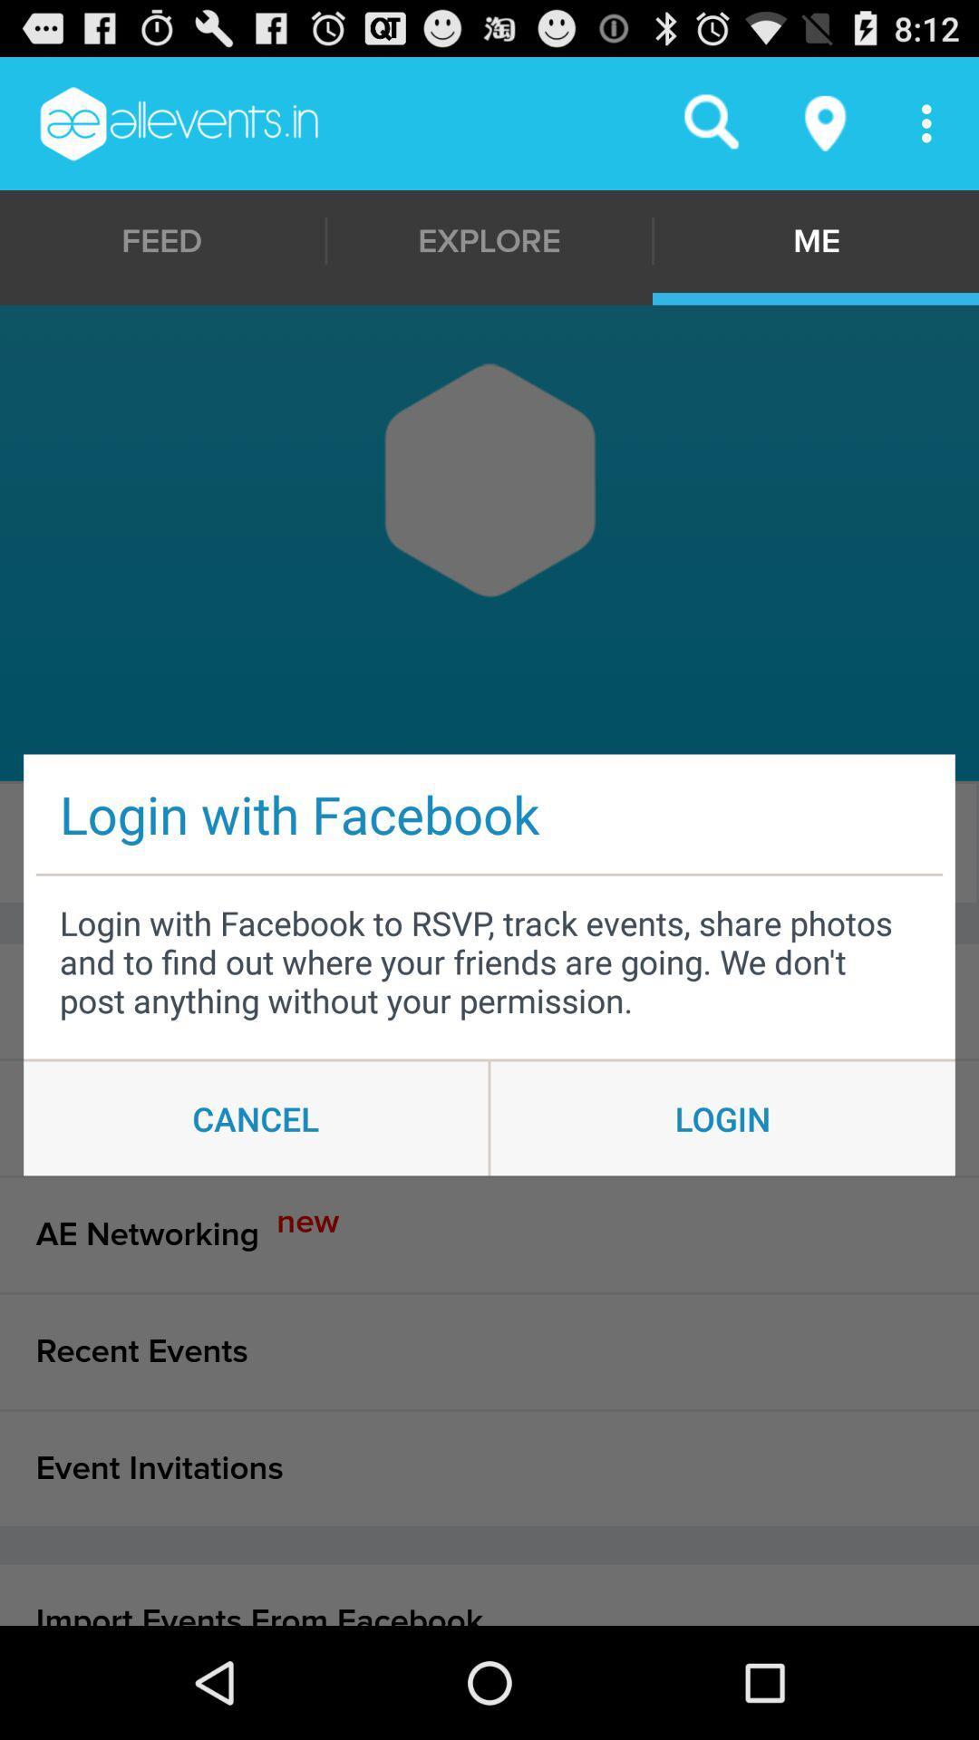 The image size is (979, 1740). Describe the element at coordinates (489, 1351) in the screenshot. I see `recent events item` at that location.